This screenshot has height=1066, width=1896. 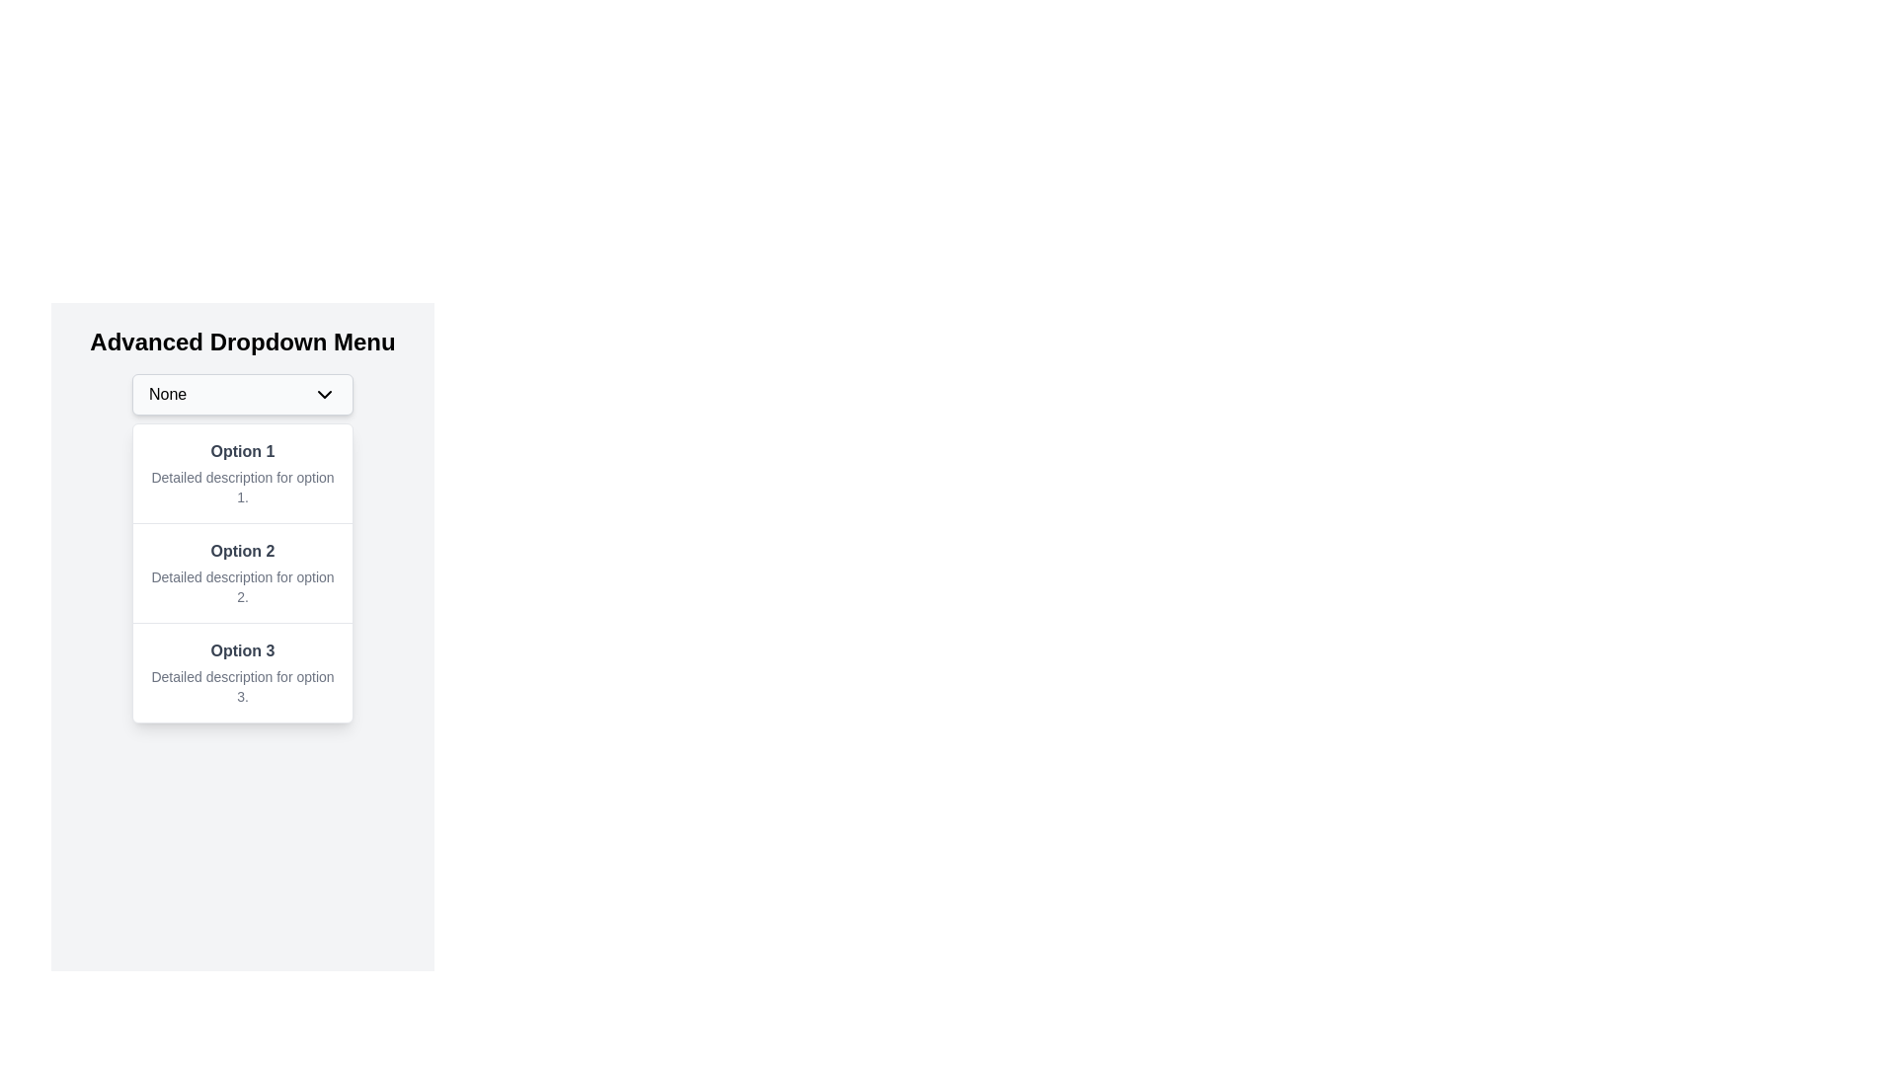 I want to click on to select 'Option 3' from the dropdown menu, which is the third item in the list positioned below 'Option 2', so click(x=241, y=671).